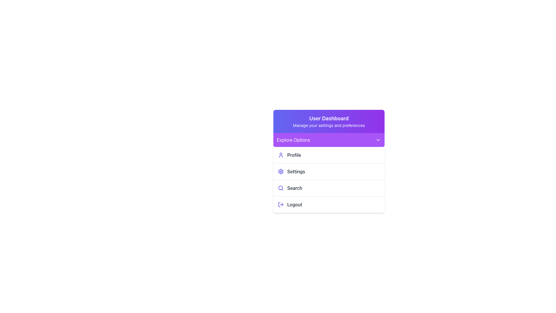 Image resolution: width=556 pixels, height=313 pixels. Describe the element at coordinates (296, 171) in the screenshot. I see `the 'Settings' text label located in the second row of the vertical menu under 'Explore Options', next to a gear icon` at that location.